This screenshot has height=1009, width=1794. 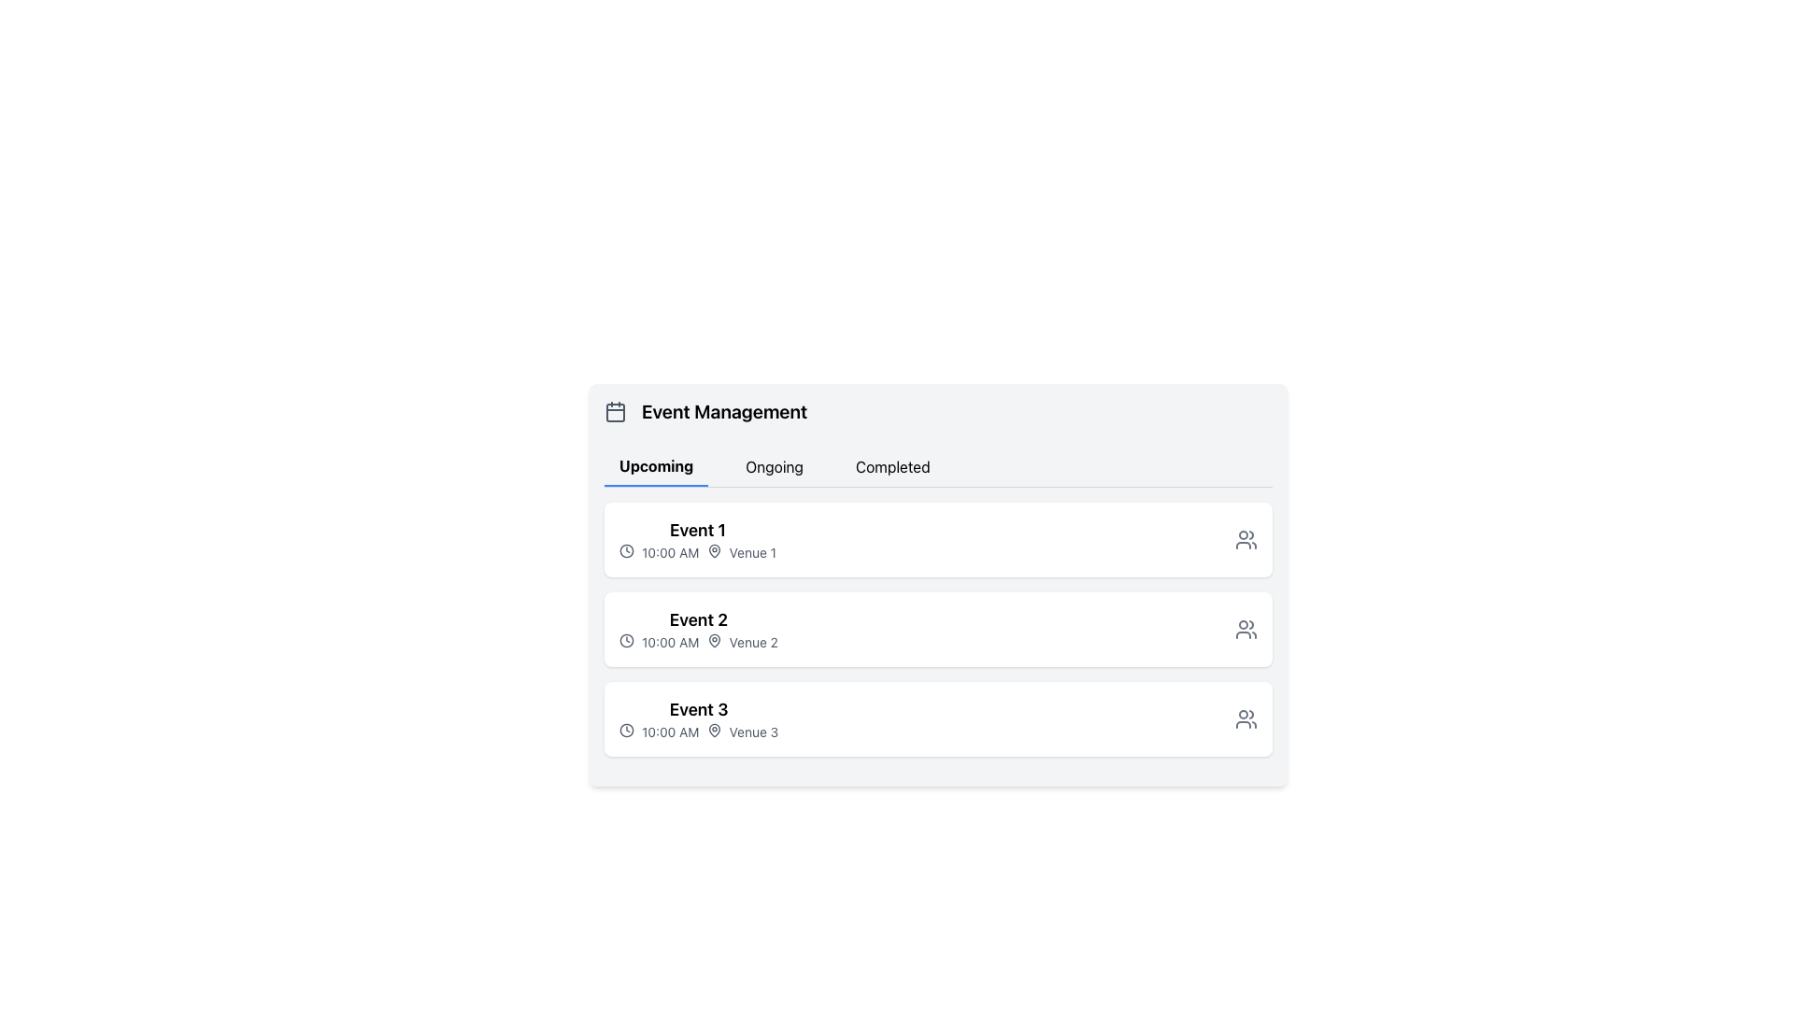 I want to click on the icon located to the left of 'Venue 1' in the text group '10:00 AM Venue 1', which serves as a visual indicator for the venue information, so click(x=713, y=550).